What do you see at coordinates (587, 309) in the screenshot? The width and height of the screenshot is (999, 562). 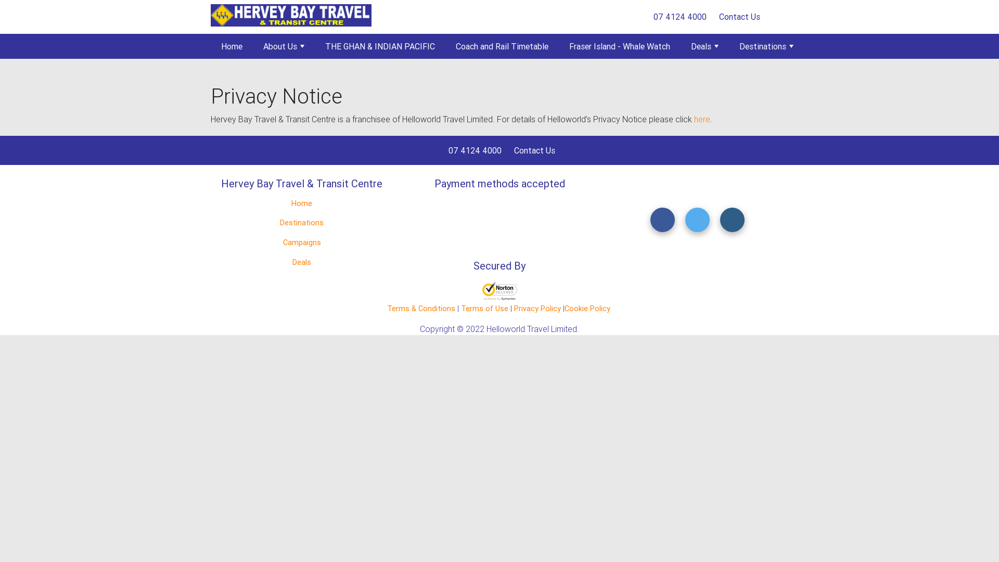 I see `'Cookie Policy'` at bounding box center [587, 309].